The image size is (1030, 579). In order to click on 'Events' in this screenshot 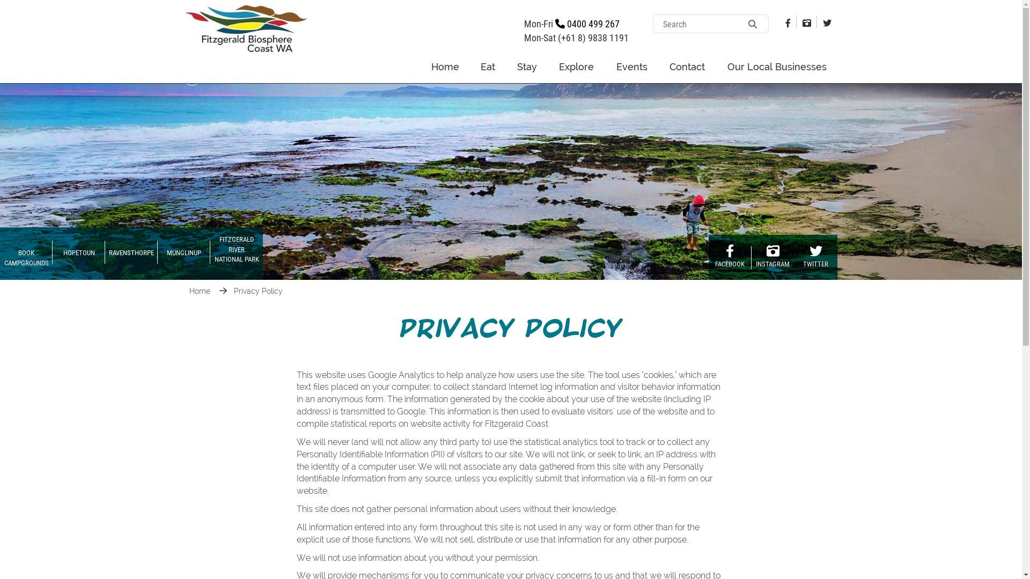, I will do `click(631, 66)`.